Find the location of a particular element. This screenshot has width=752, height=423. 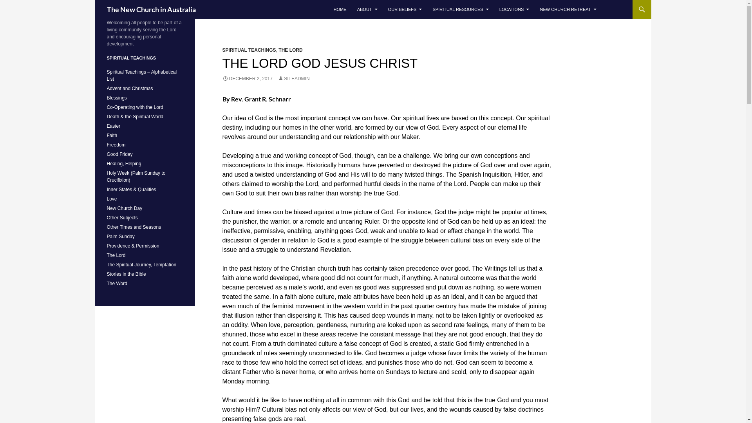

'Blessings' is located at coordinates (116, 98).